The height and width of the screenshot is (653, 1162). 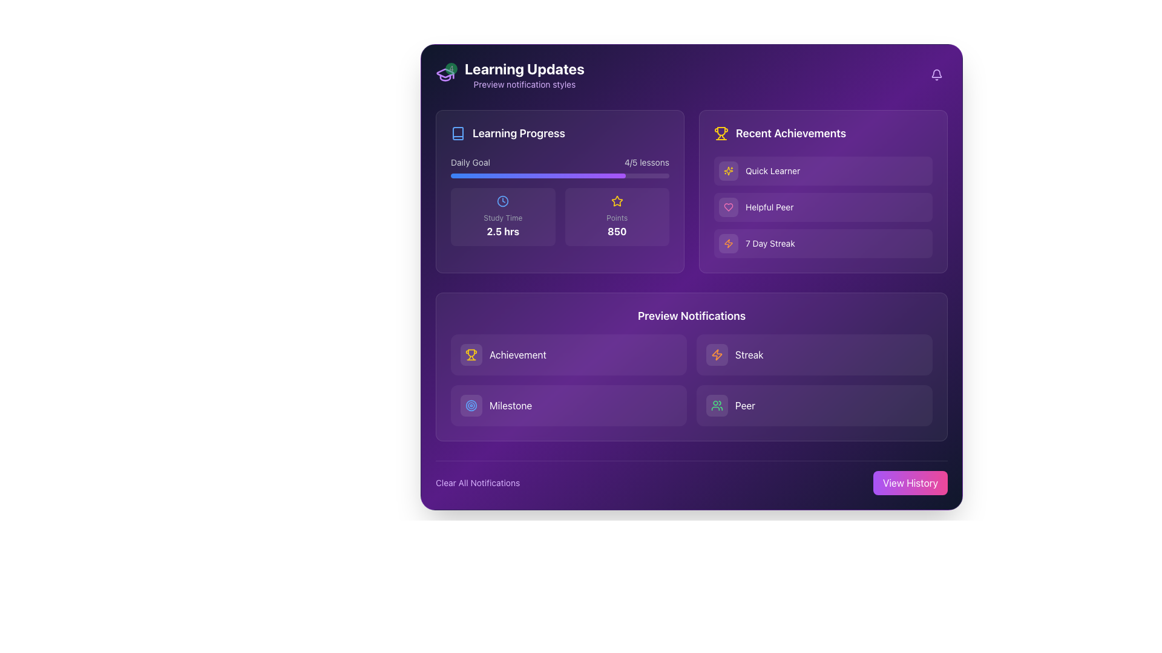 I want to click on the text display showing elapsed or allocated study time, located in the 'Learning Progress' section below the clock icon, so click(x=503, y=231).